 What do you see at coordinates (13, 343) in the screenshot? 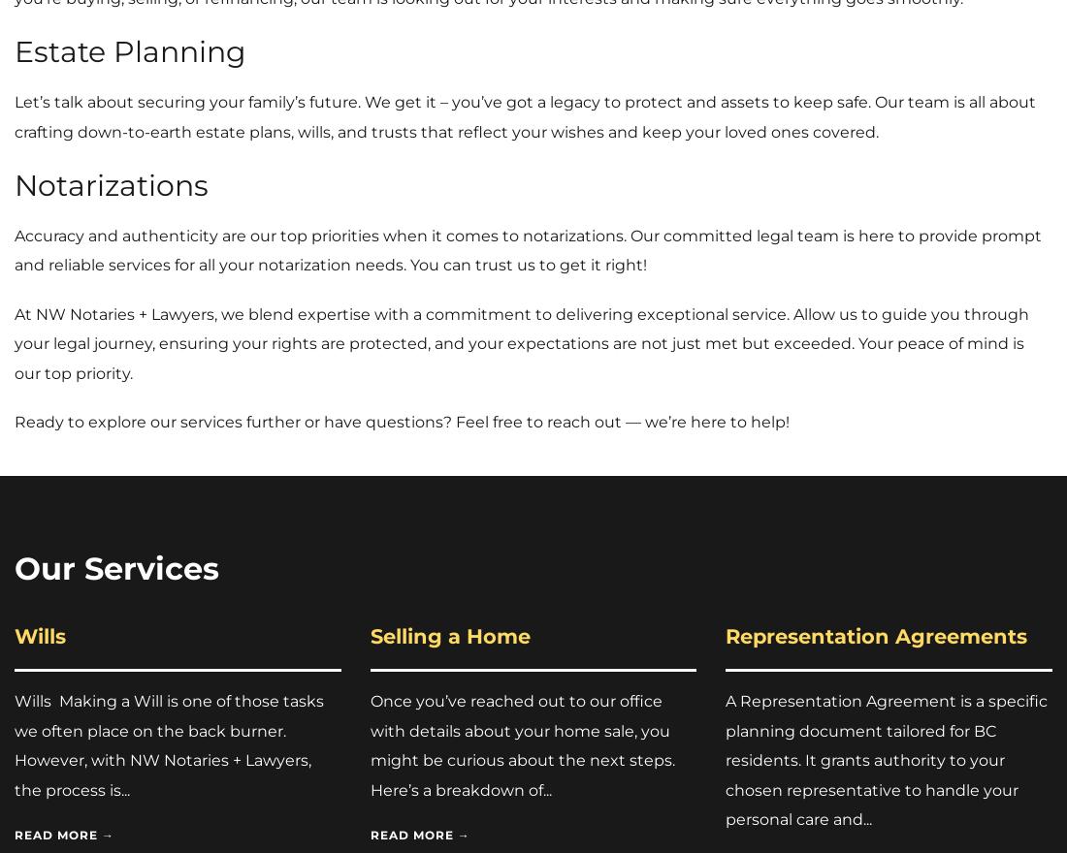
I see `'At NW Notaries + Lawyers, we blend expertise with a commitment to delivering exceptional service. Allow us to guide you through your legal journey, ensuring your rights are protected, and your expectations are not just met but exceeded. Your peace of mind is our top priority.'` at bounding box center [13, 343].